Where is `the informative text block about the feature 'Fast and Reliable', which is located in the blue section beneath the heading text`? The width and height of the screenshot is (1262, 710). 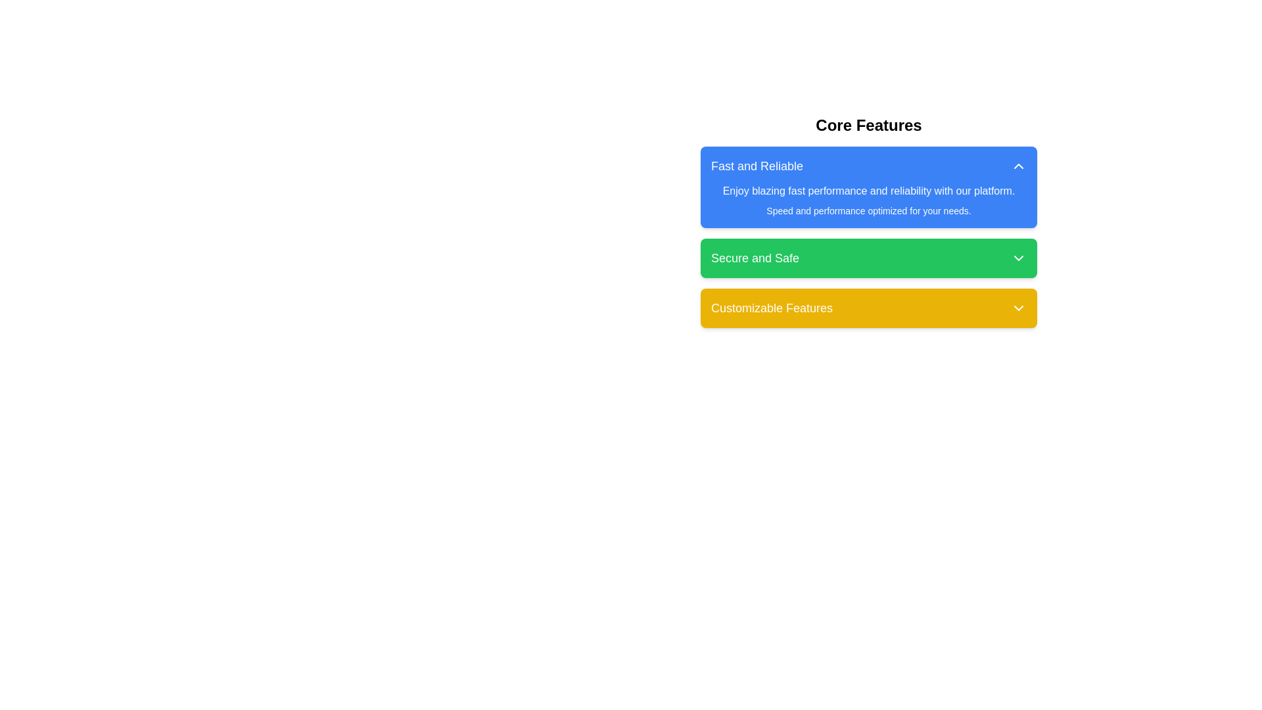
the informative text block about the feature 'Fast and Reliable', which is located in the blue section beneath the heading text is located at coordinates (868, 200).